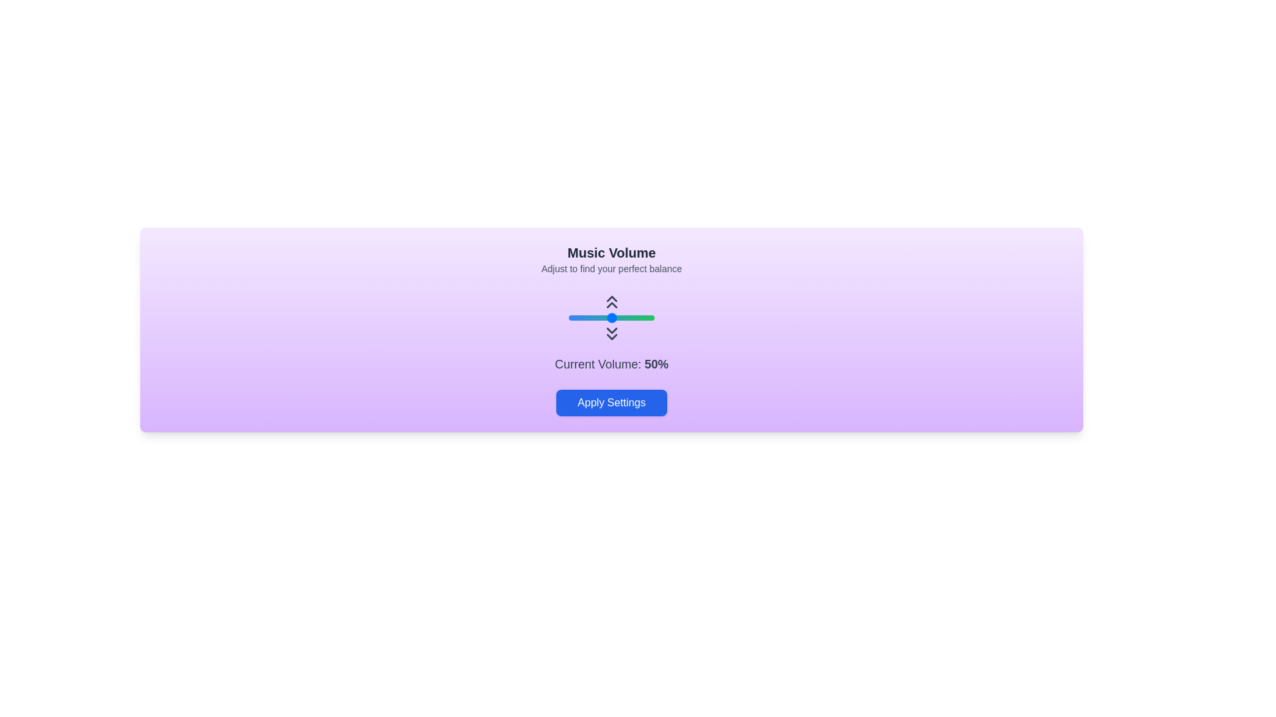  I want to click on the volume slider to 63%, so click(622, 317).